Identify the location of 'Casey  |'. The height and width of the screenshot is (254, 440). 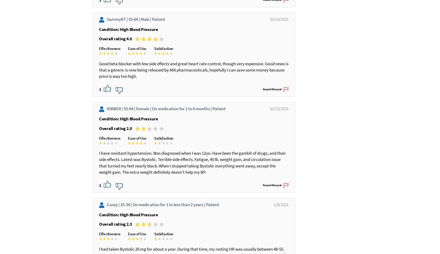
(113, 217).